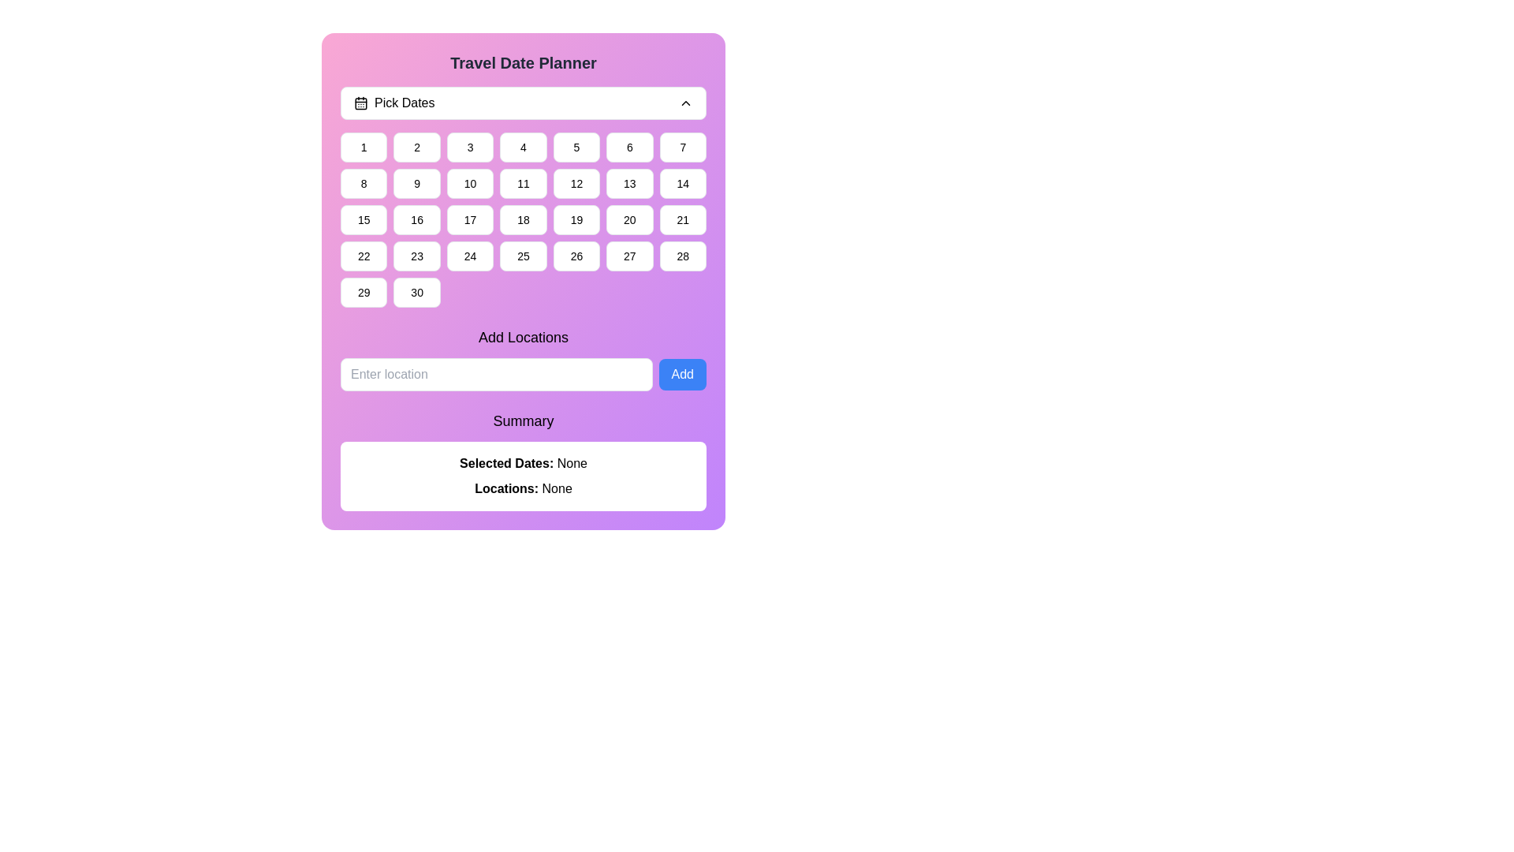 The height and width of the screenshot is (852, 1514). Describe the element at coordinates (523, 147) in the screenshot. I see `the button displaying the number '4'` at that location.